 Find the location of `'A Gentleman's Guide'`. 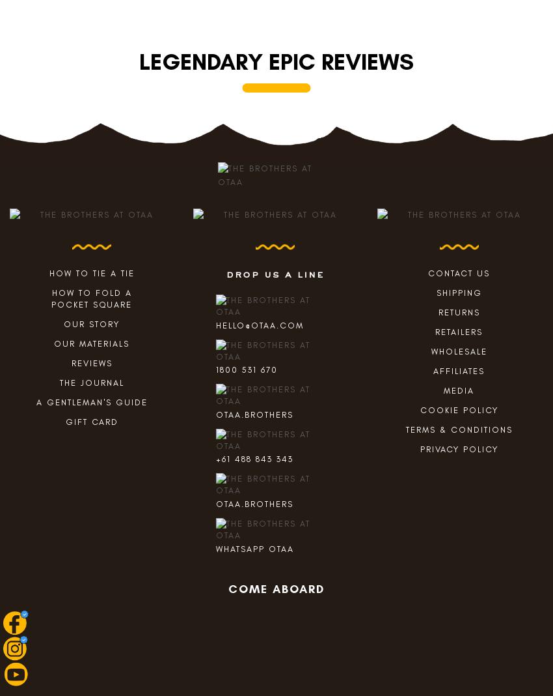

'A Gentleman's Guide' is located at coordinates (91, 401).